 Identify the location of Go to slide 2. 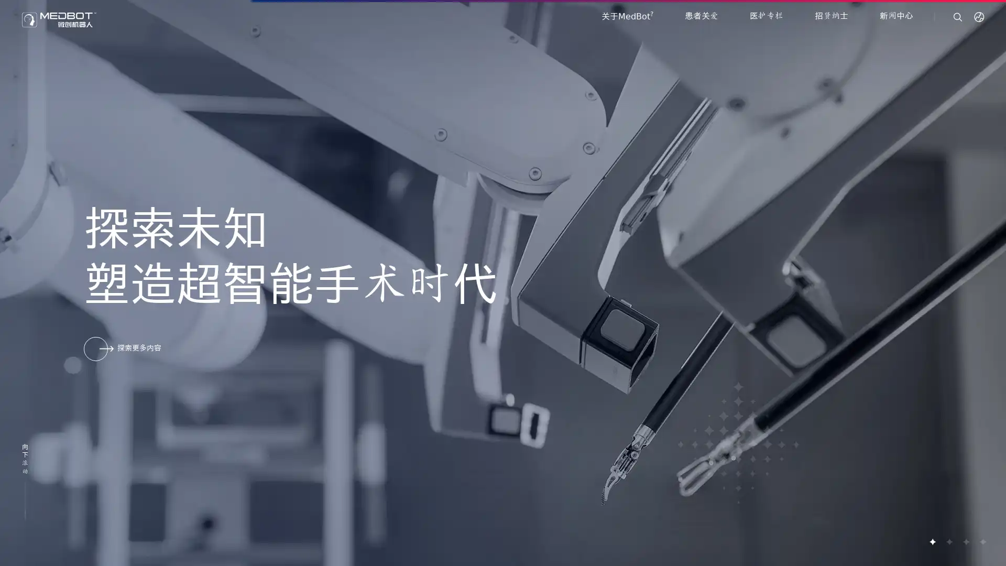
(948, 541).